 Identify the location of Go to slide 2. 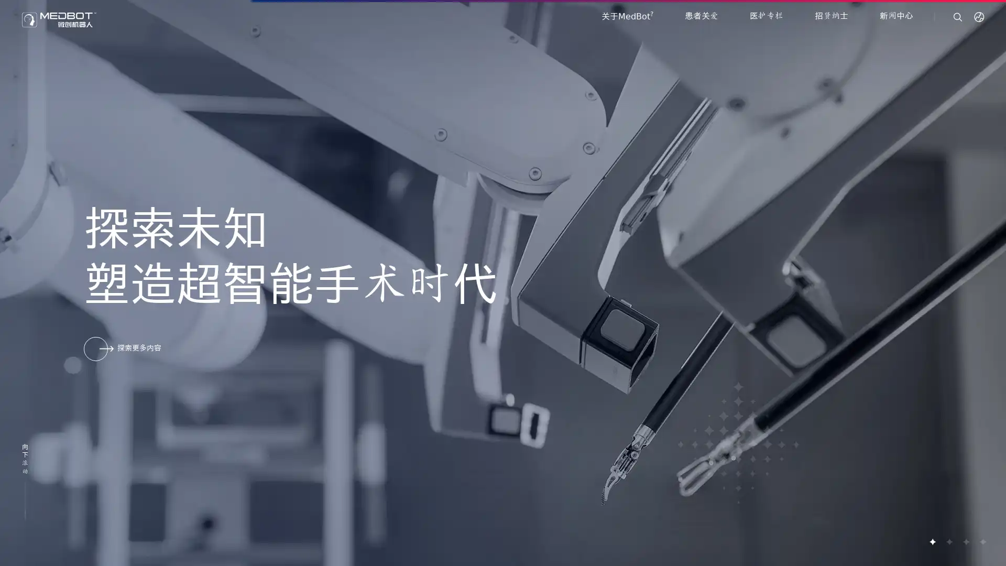
(948, 541).